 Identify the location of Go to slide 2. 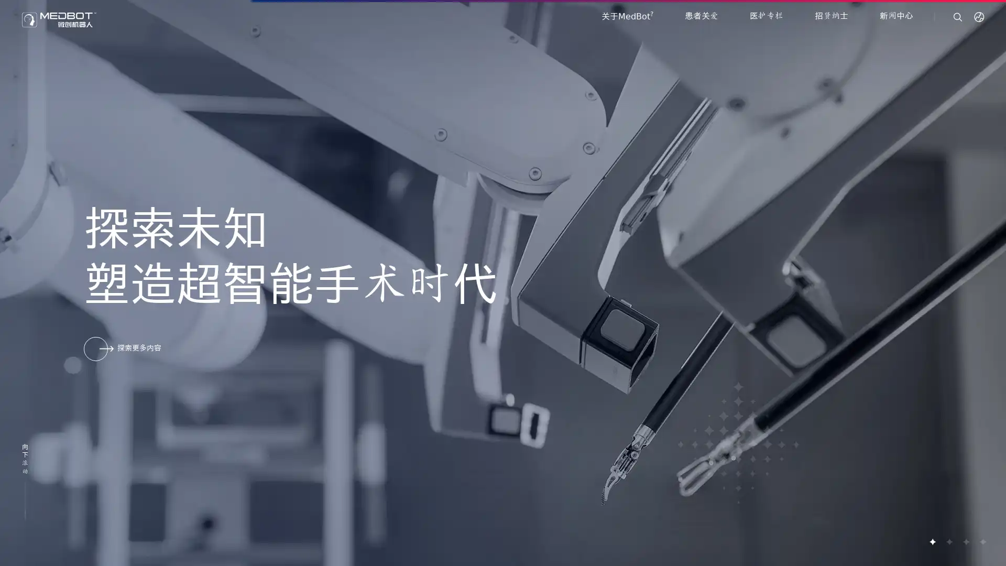
(948, 541).